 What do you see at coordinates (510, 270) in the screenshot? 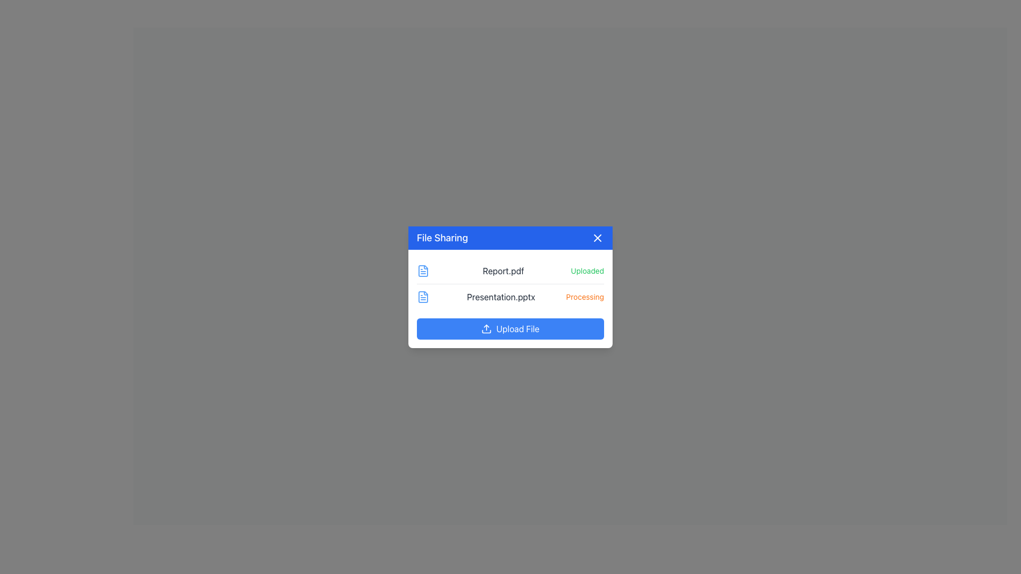
I see `file name 'Report.pdf' and its upload status from the first row of the informational list, which is located below the title 'File Sharing'` at bounding box center [510, 270].